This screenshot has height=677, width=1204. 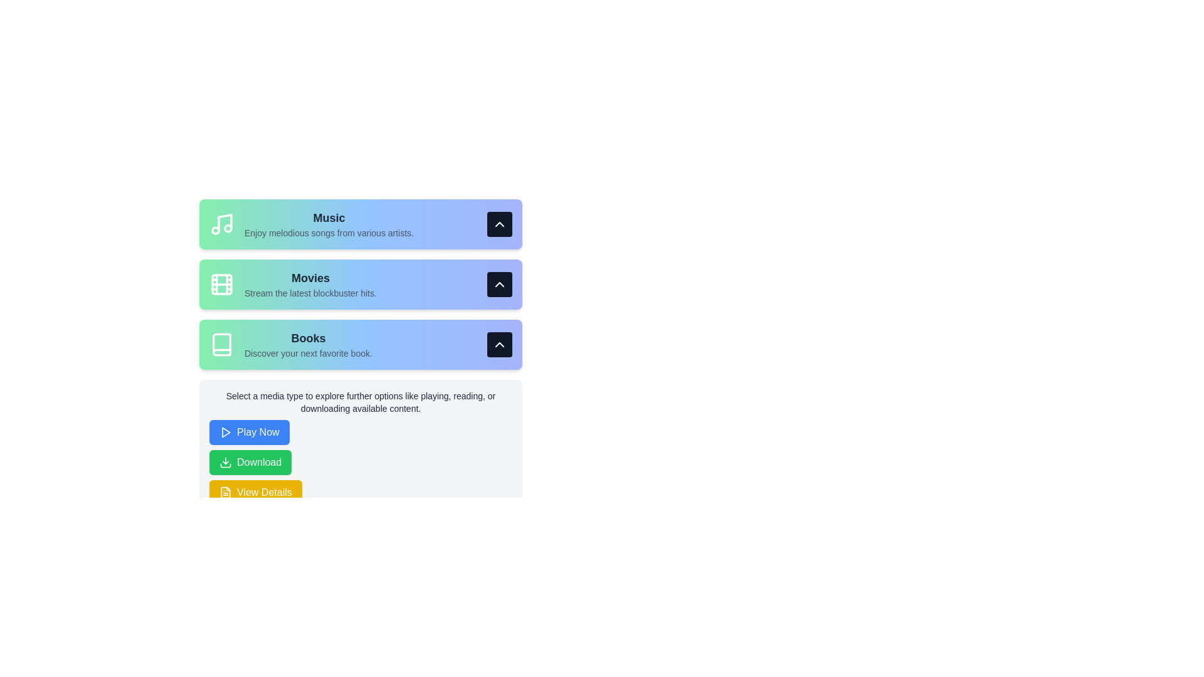 What do you see at coordinates (329, 233) in the screenshot?
I see `the text label providing additional information about the 'Music' category, which is located directly below the 'Music' heading in the first content block` at bounding box center [329, 233].